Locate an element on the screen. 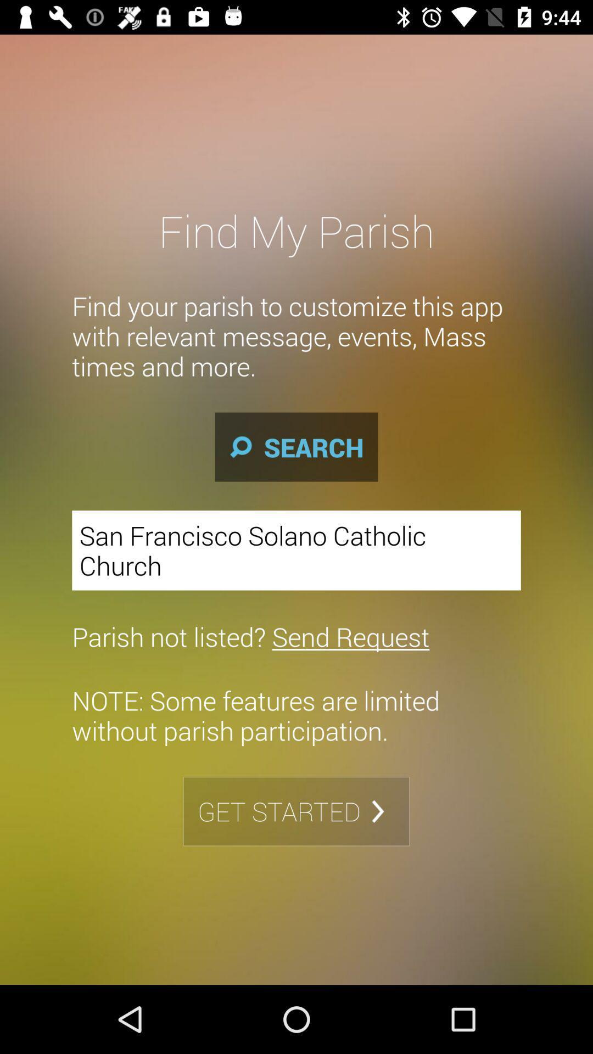 The image size is (593, 1054). the search icon is located at coordinates (296, 447).